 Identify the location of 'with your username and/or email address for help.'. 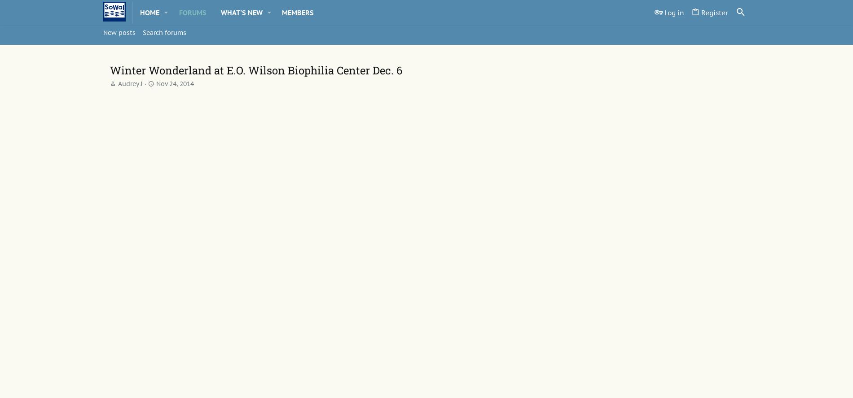
(340, 112).